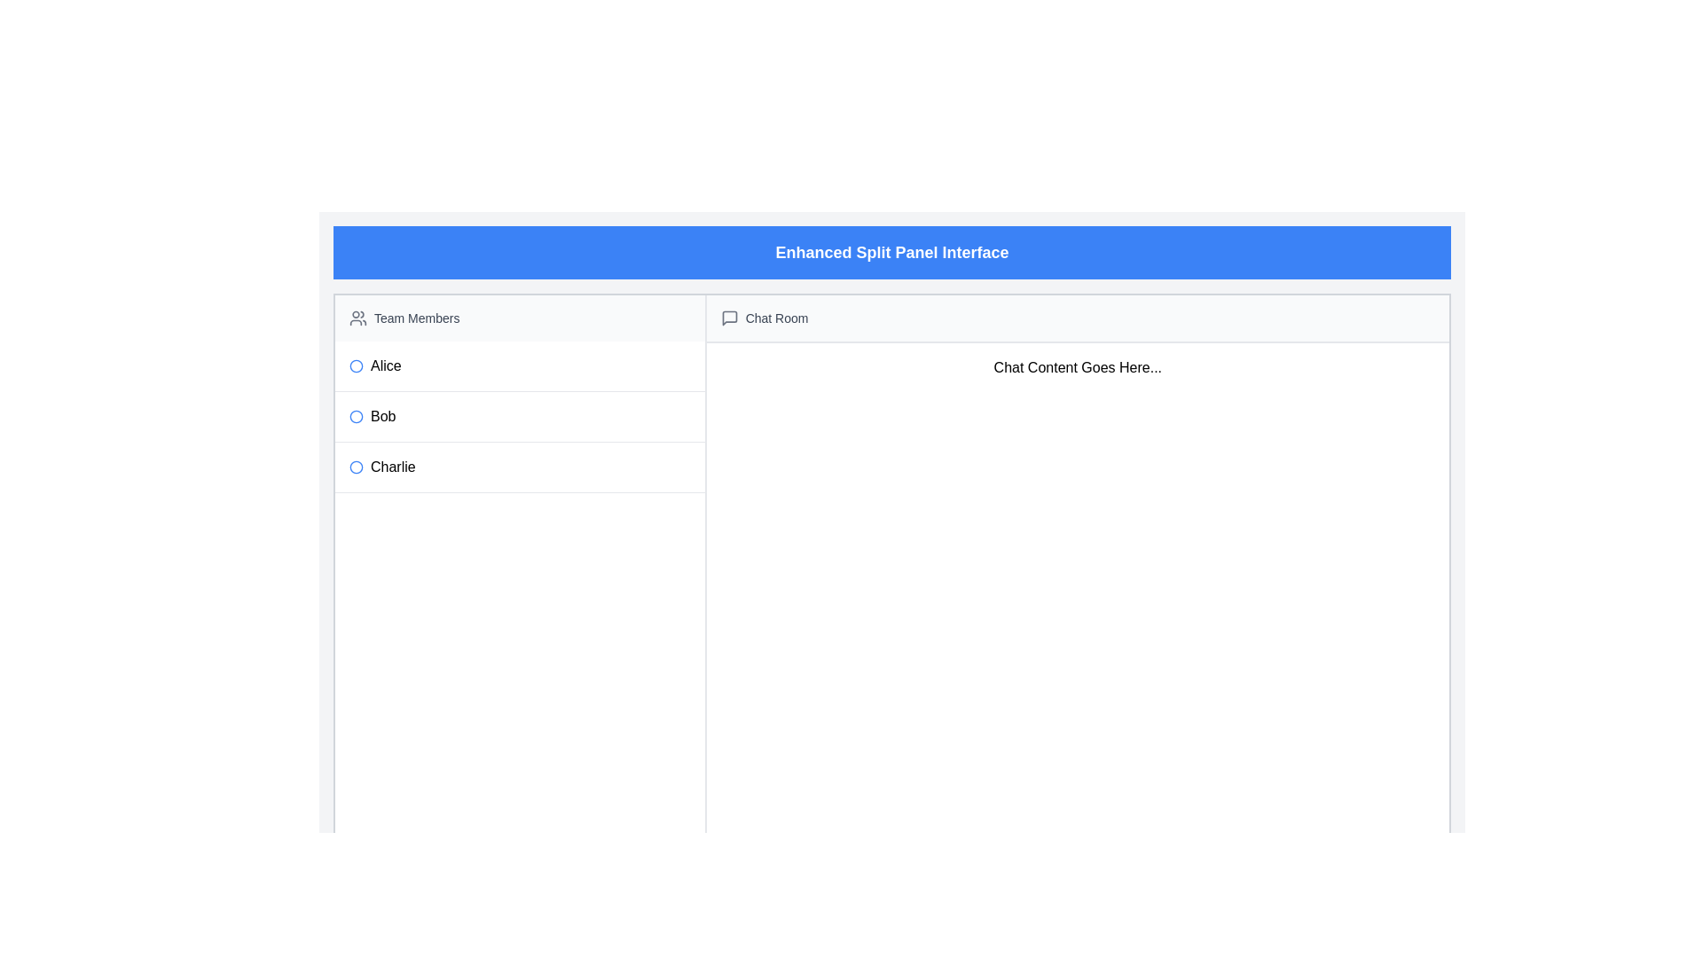  I want to click on the icon representing a group of people, which is styled in gray and located next to the 'Team Members' header, so click(357, 317).